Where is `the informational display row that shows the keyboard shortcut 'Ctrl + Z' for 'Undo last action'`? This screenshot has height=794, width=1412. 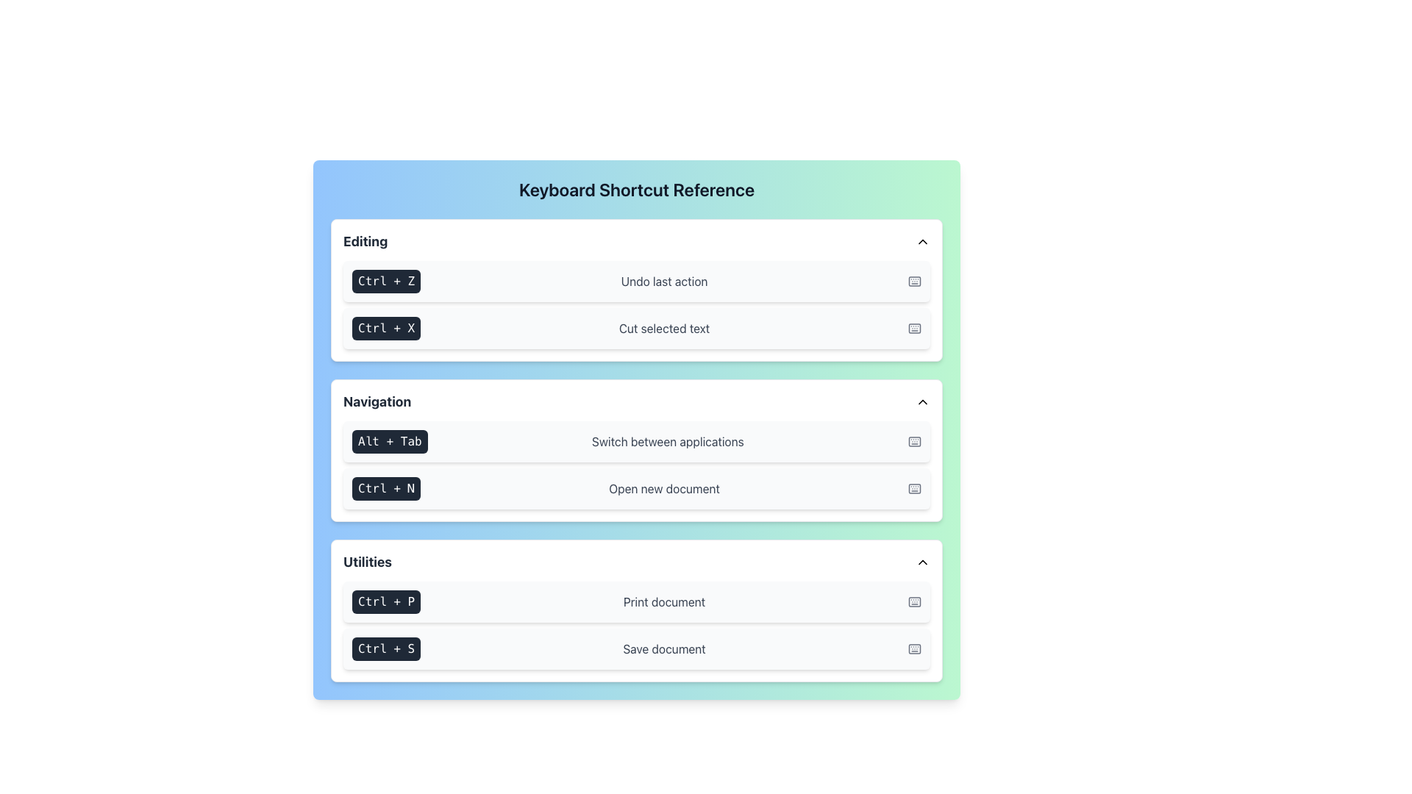
the informational display row that shows the keyboard shortcut 'Ctrl + Z' for 'Undo last action' is located at coordinates (636, 281).